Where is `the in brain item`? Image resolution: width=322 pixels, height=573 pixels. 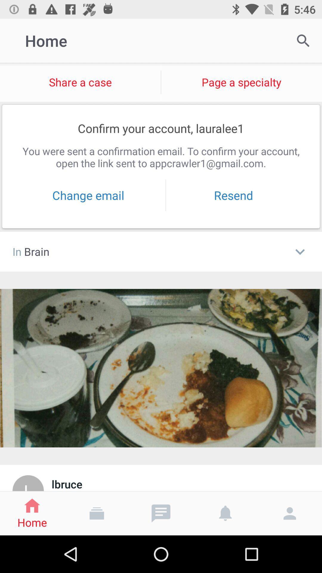
the in brain item is located at coordinates (149, 252).